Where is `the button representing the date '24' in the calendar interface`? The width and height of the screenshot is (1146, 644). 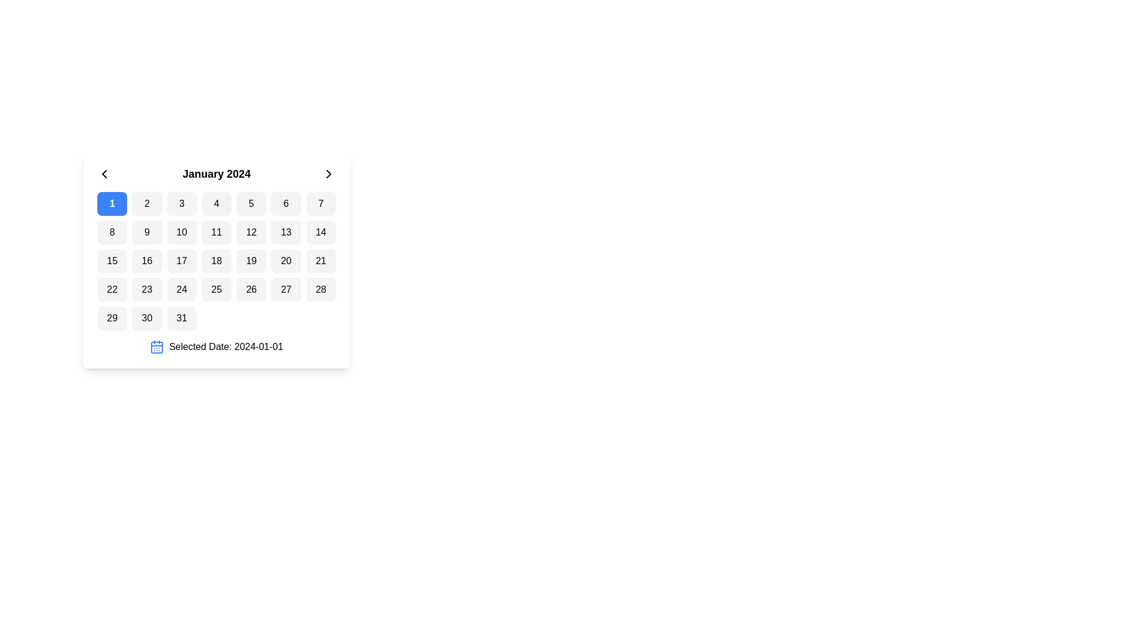 the button representing the date '24' in the calendar interface is located at coordinates (181, 290).